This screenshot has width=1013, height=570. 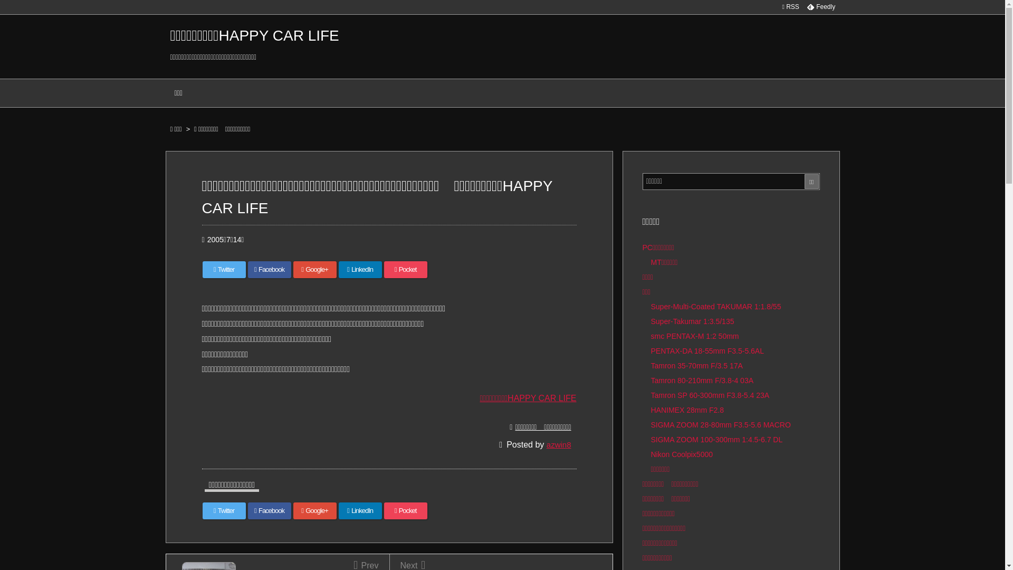 What do you see at coordinates (790, 6) in the screenshot?
I see `'  RSS '` at bounding box center [790, 6].